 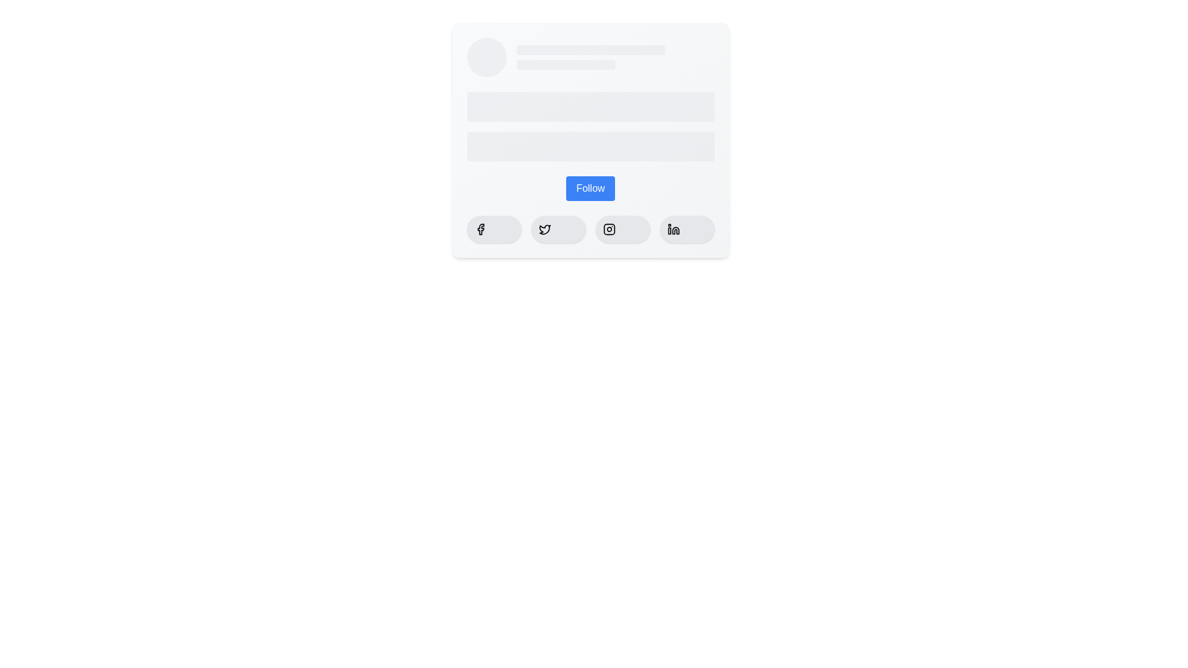 I want to click on the third icon in the horizontal row of four social media buttons, so click(x=609, y=229).